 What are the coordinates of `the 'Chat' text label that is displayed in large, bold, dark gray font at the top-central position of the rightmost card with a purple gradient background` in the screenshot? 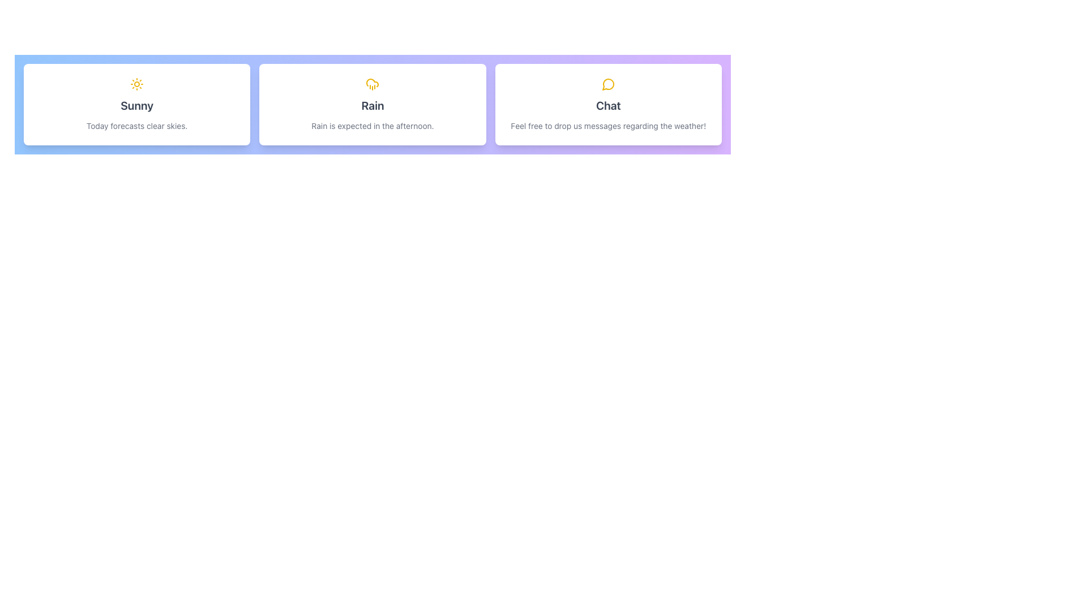 It's located at (607, 105).